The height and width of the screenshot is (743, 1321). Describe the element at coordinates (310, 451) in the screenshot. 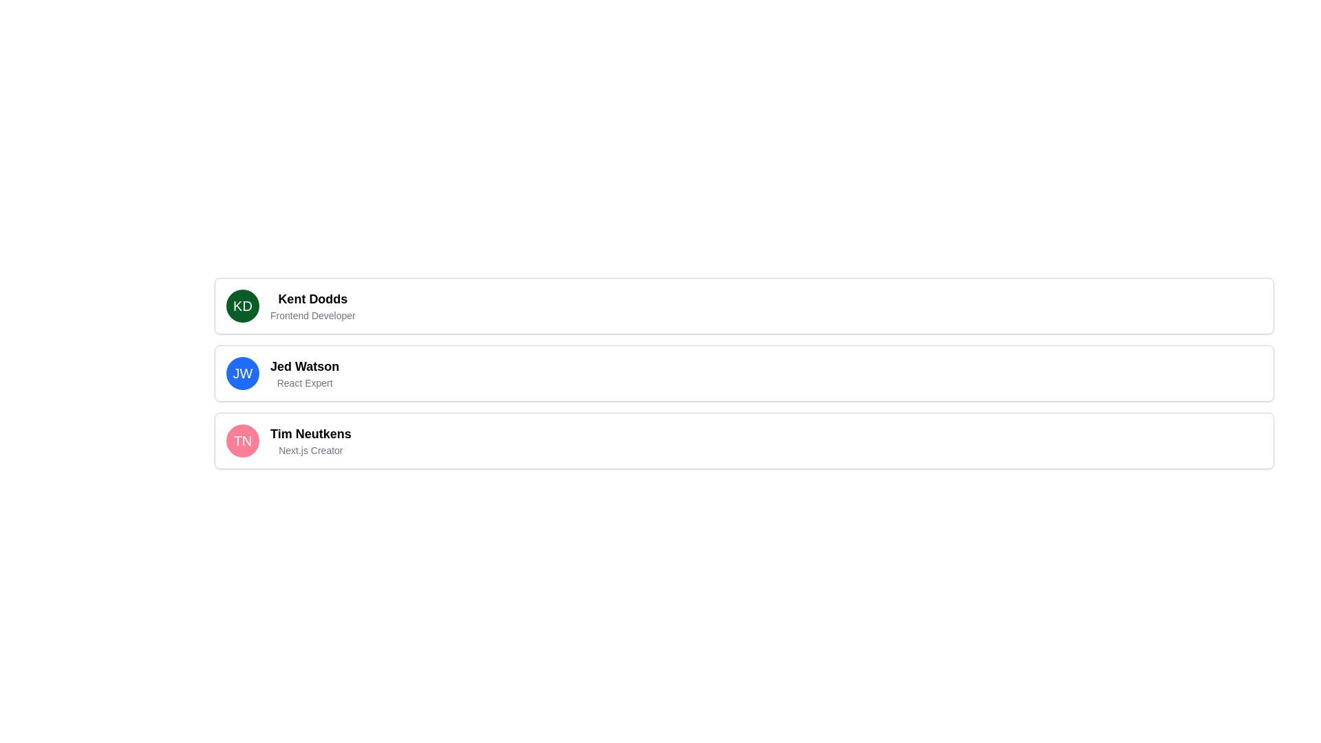

I see `the text label providing a descriptor for 'Tim Neutkens', located directly below the main title of the same name` at that location.